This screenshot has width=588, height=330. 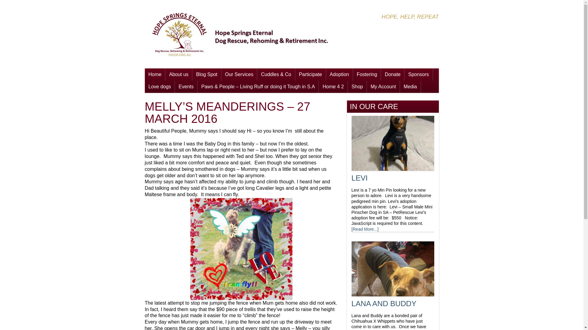 I want to click on 'Blog Spot', so click(x=206, y=74).